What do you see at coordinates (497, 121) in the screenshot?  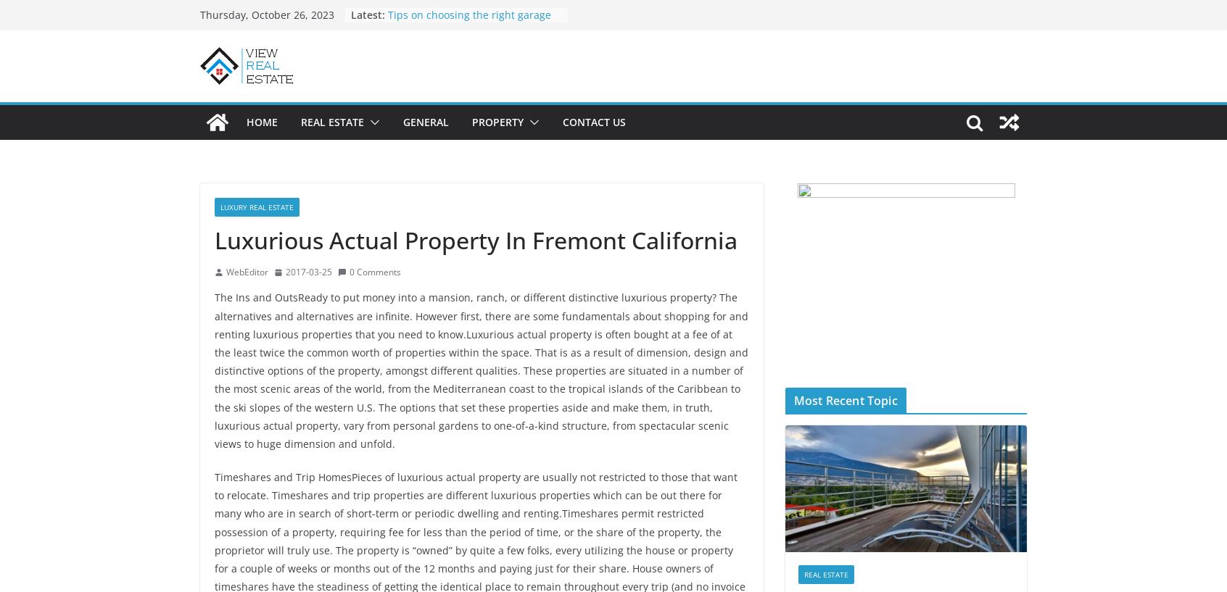 I see `'Property'` at bounding box center [497, 121].